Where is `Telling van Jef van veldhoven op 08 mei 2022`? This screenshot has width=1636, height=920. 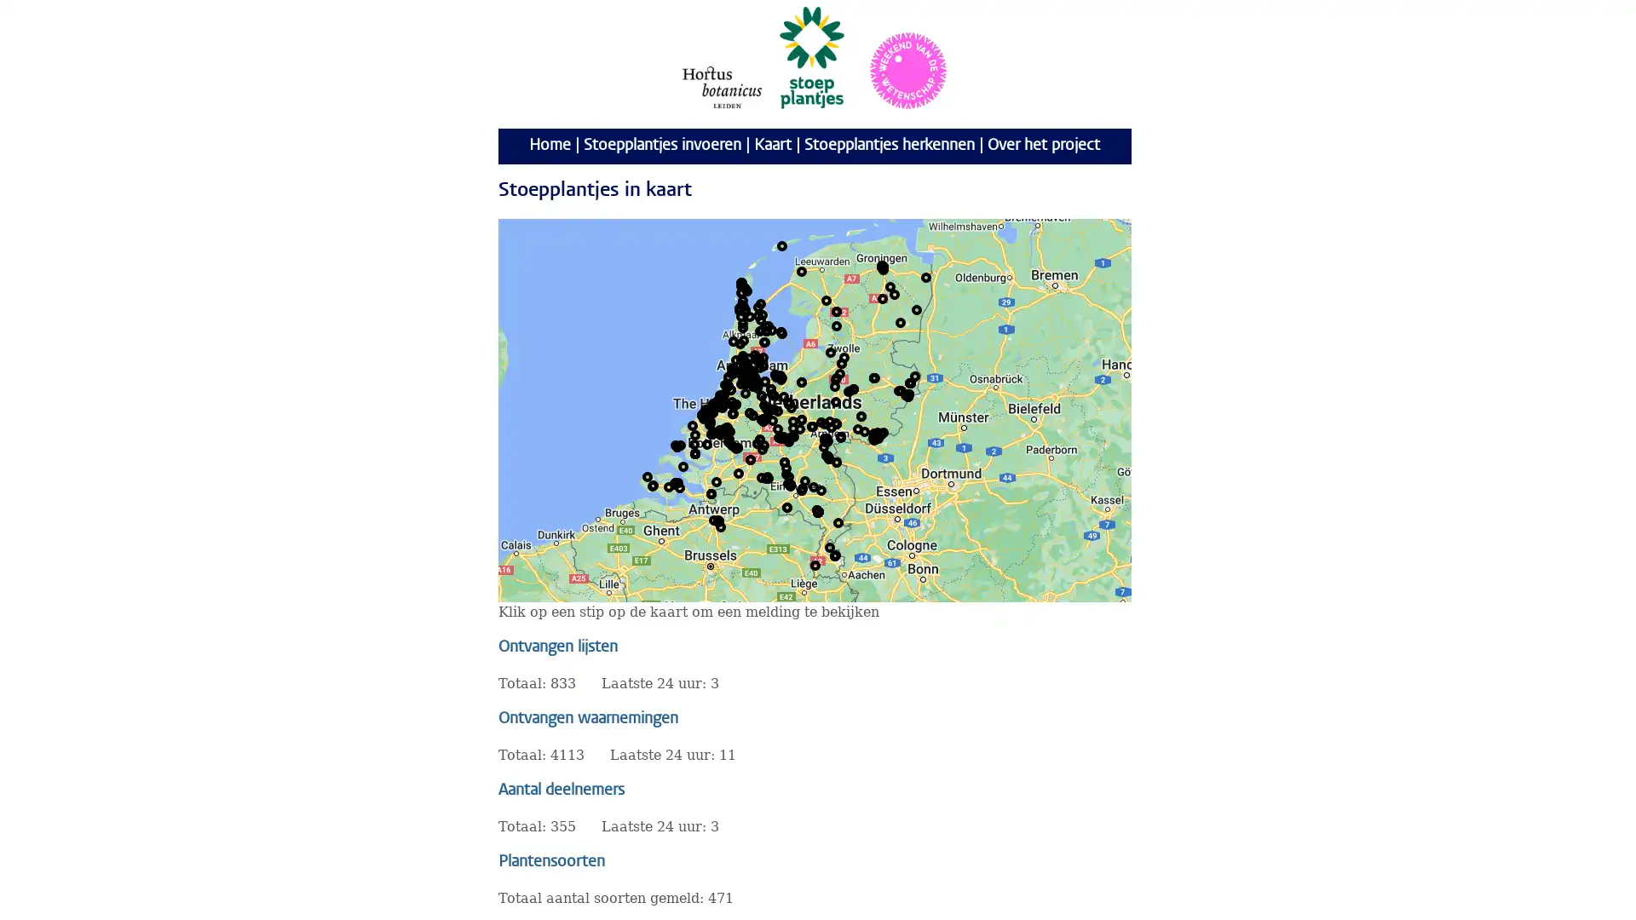
Telling van Jef van veldhoven op 08 mei 2022 is located at coordinates (785, 467).